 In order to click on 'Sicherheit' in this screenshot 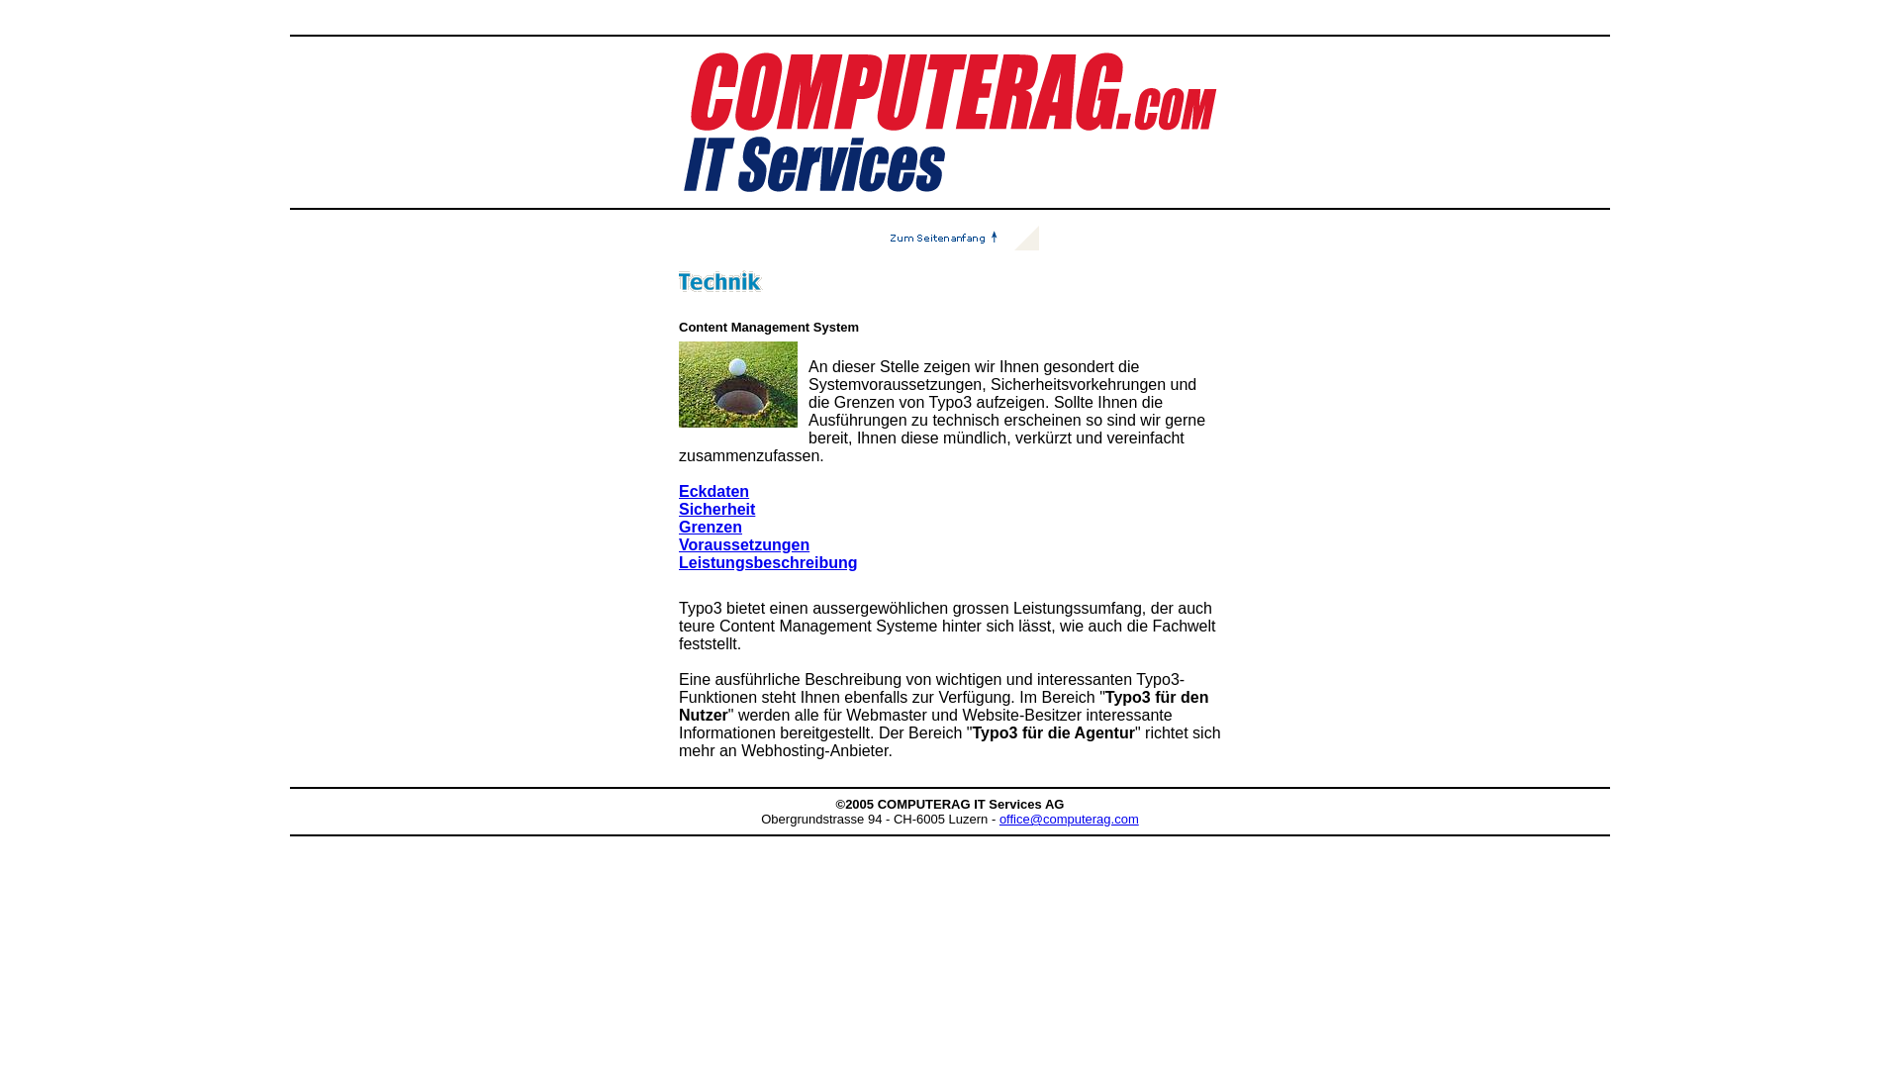, I will do `click(715, 508)`.